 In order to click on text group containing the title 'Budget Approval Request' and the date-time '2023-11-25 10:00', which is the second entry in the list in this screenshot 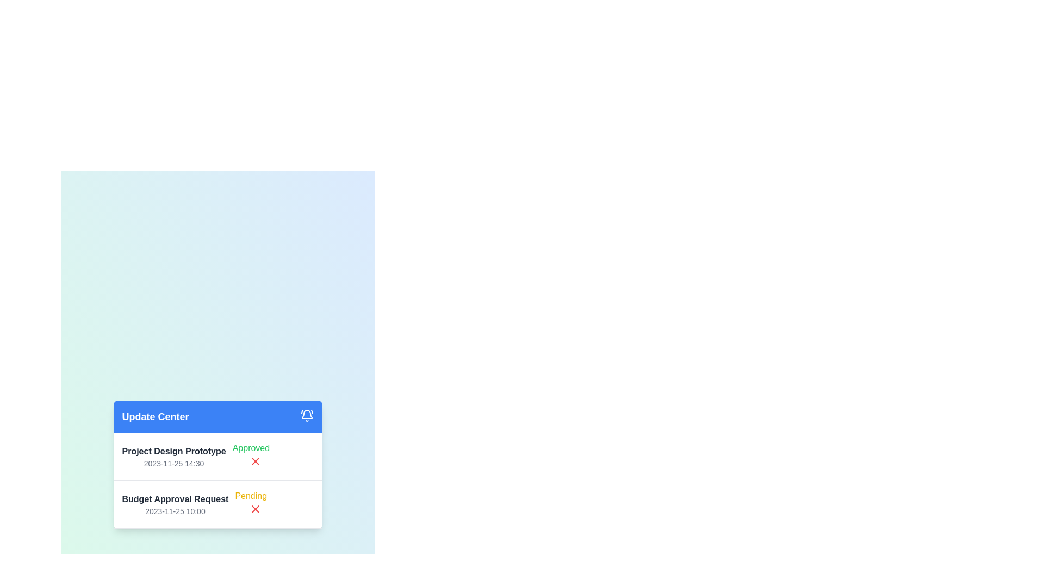, I will do `click(175, 504)`.